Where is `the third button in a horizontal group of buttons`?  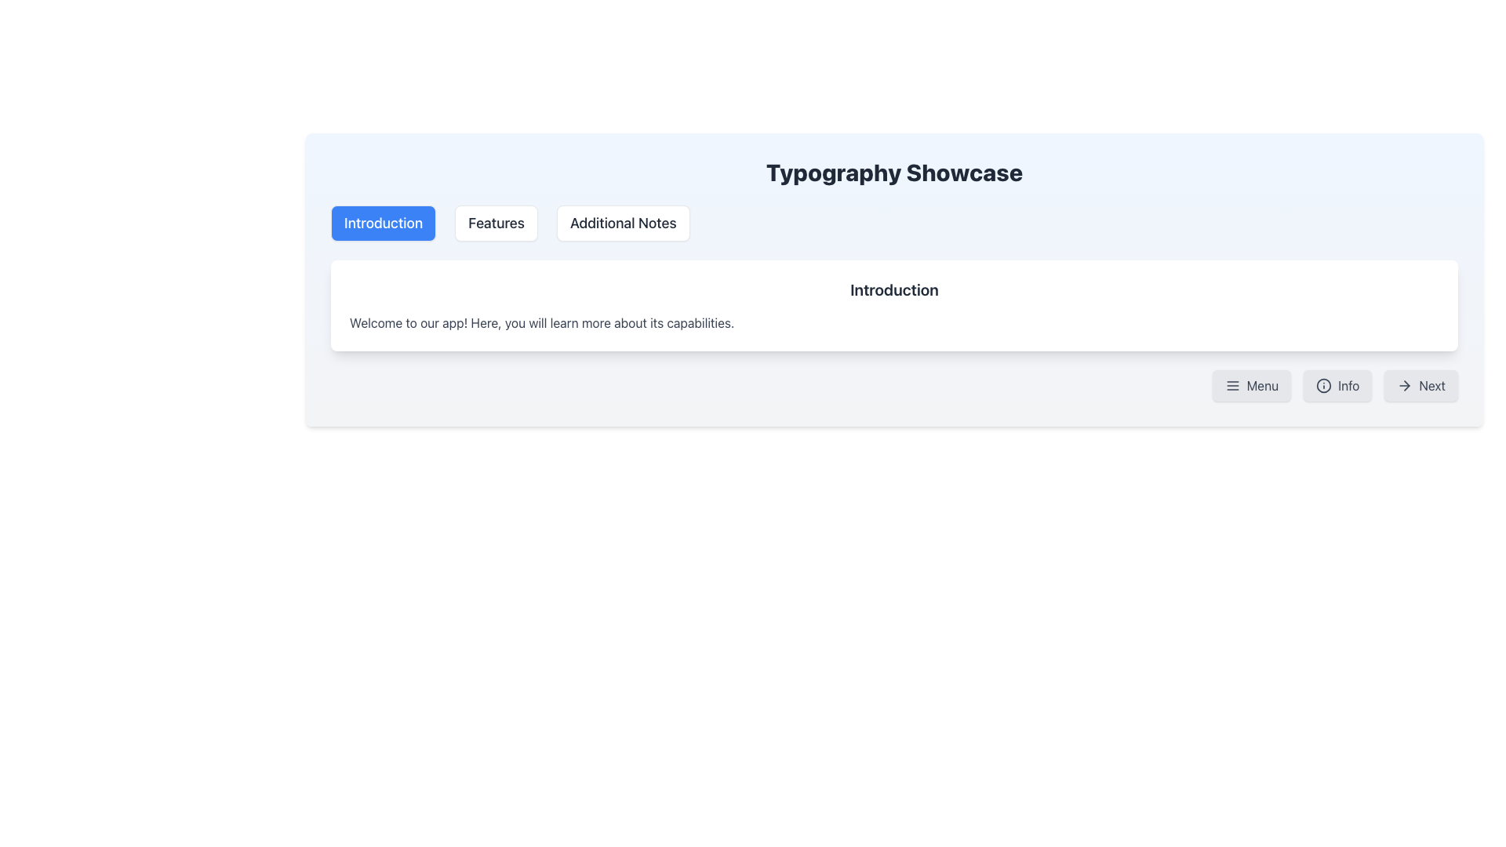
the third button in a horizontal group of buttons is located at coordinates (622, 224).